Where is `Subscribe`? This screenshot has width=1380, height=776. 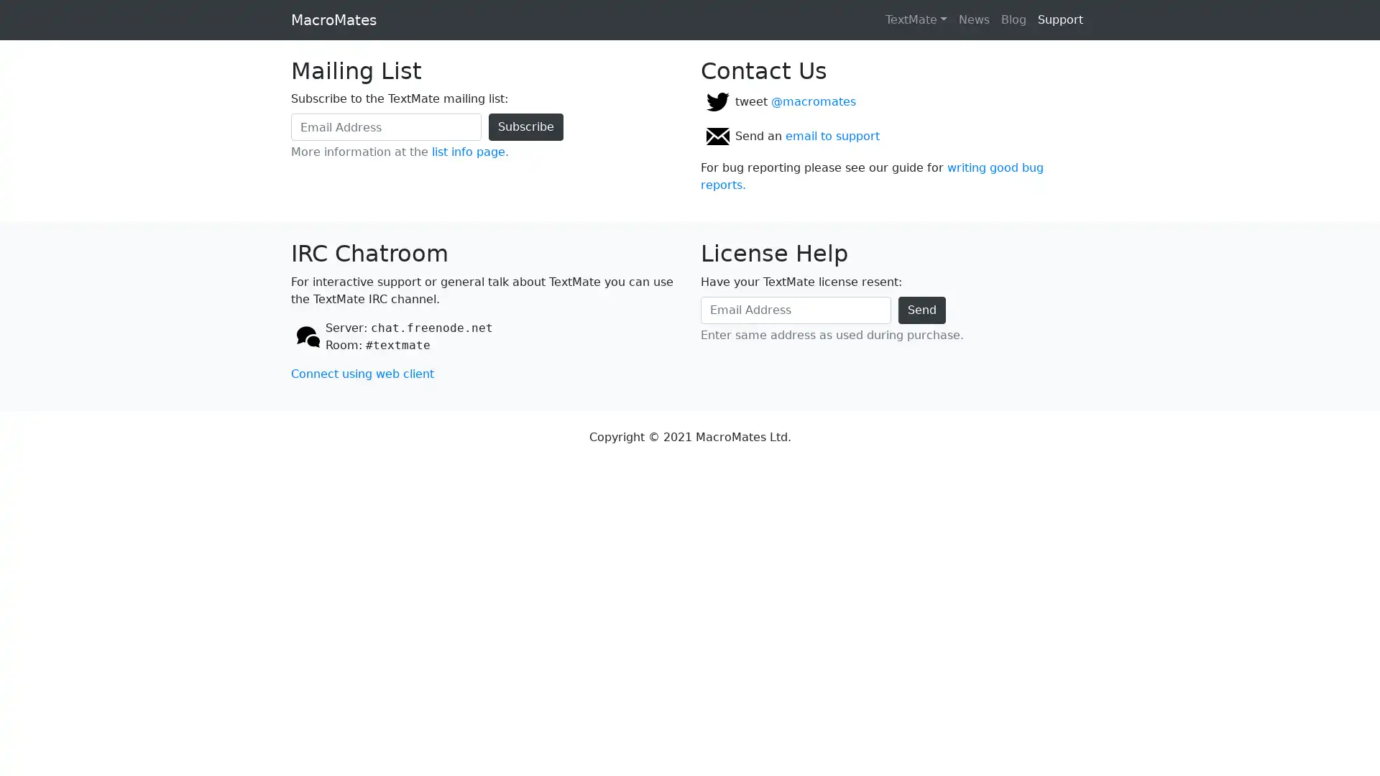
Subscribe is located at coordinates (525, 126).